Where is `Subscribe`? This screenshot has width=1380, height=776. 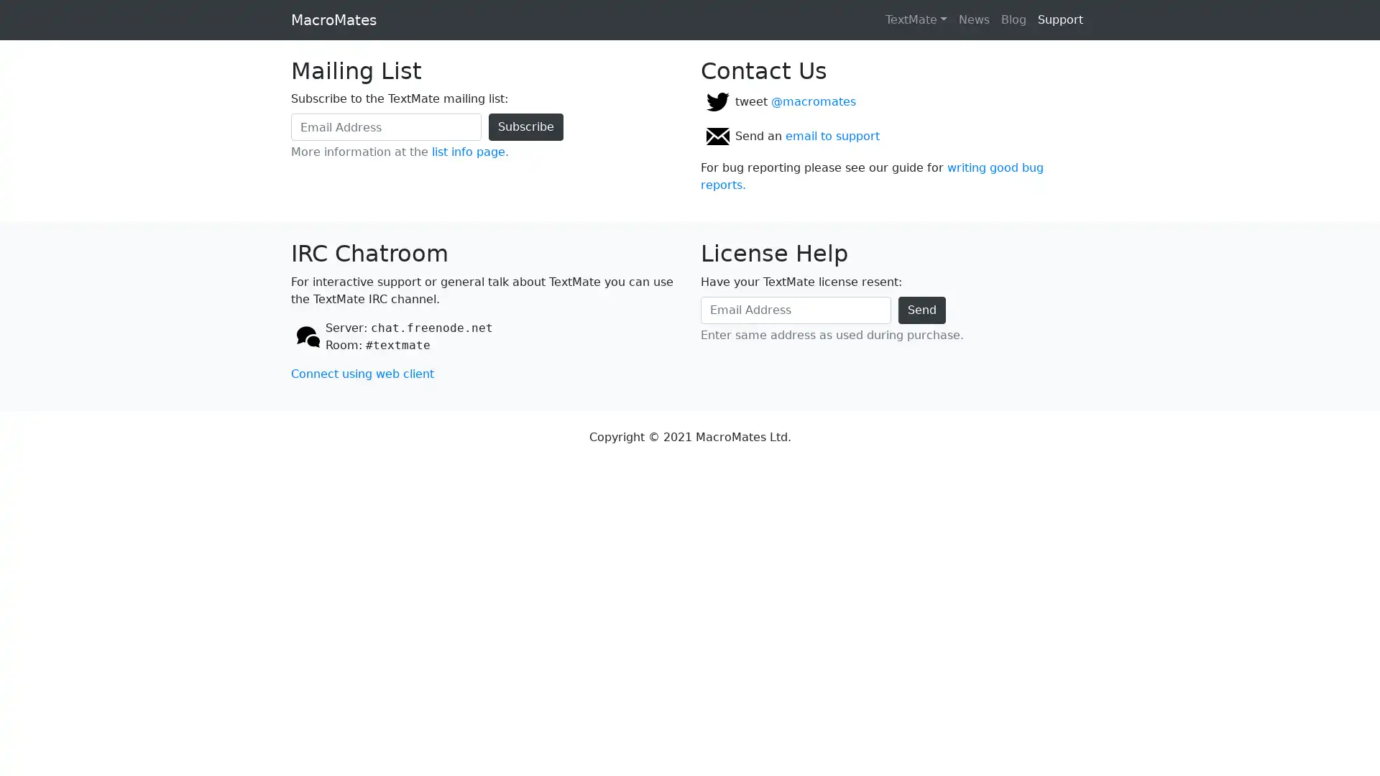
Subscribe is located at coordinates (525, 126).